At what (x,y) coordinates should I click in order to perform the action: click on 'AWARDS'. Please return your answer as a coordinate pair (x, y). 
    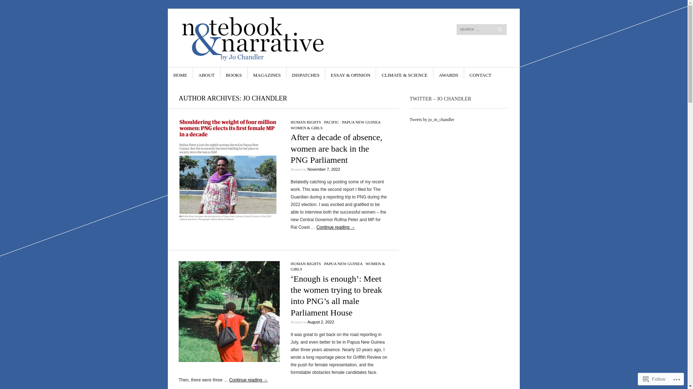
    Looking at the image, I should click on (448, 73).